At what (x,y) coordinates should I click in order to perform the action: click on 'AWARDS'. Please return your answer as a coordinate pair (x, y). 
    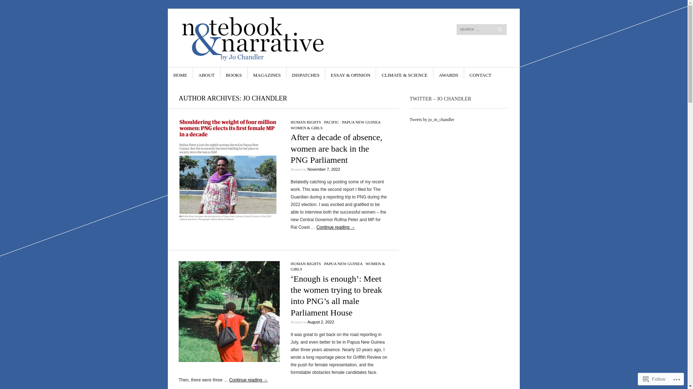
    Looking at the image, I should click on (448, 73).